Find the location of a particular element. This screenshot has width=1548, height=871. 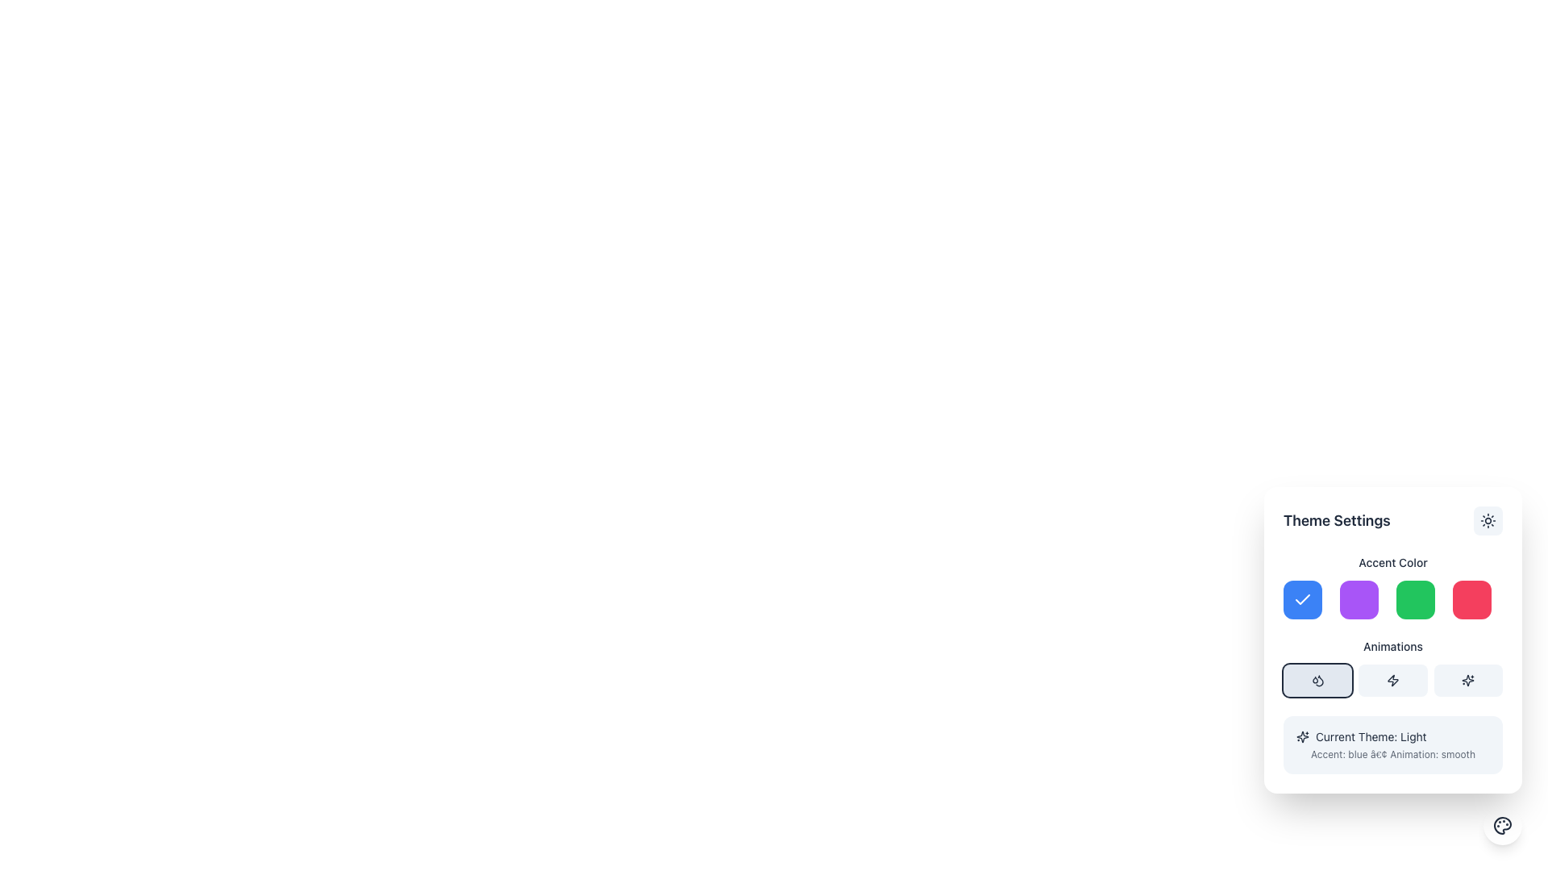

displayed text of the Text Label indicating the current theme setting, which shows 'Light', located in the 'Theme Settings' module near the lower-right corner is located at coordinates (1370, 737).